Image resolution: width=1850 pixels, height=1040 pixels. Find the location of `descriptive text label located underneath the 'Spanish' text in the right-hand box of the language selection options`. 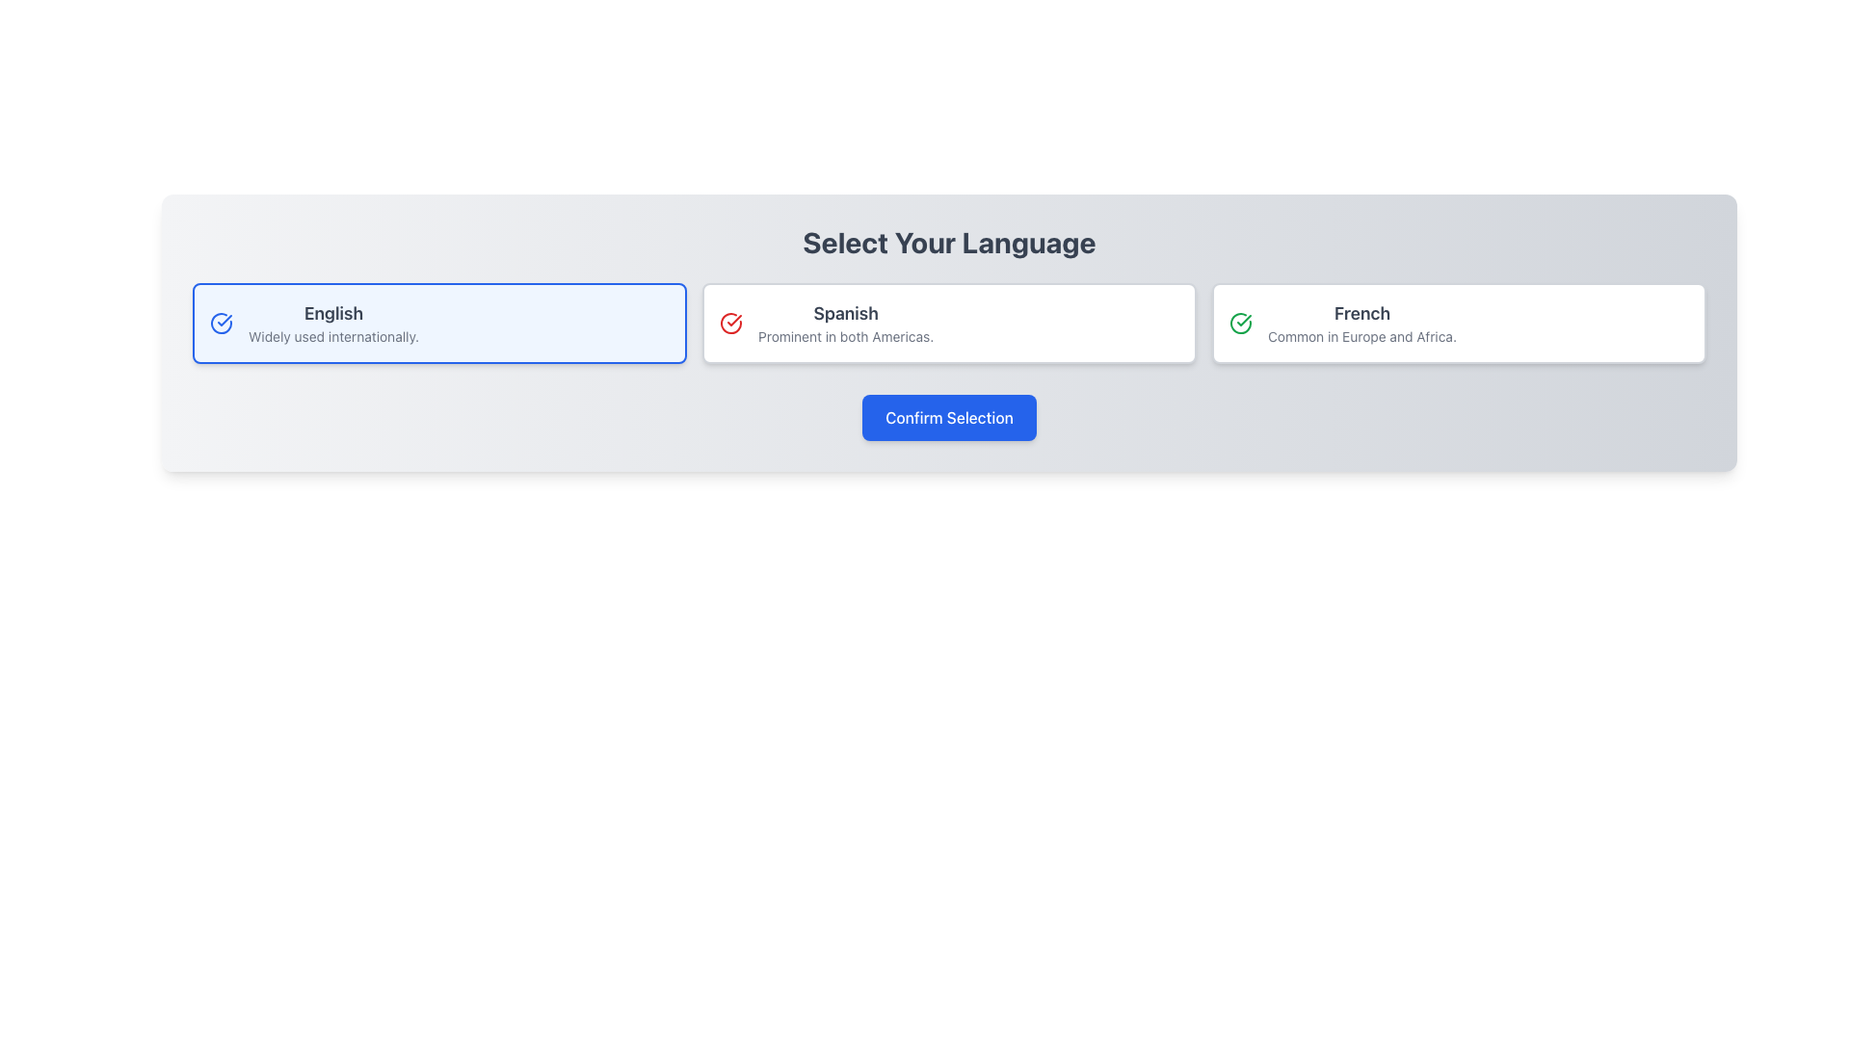

descriptive text label located underneath the 'Spanish' text in the right-hand box of the language selection options is located at coordinates (846, 336).